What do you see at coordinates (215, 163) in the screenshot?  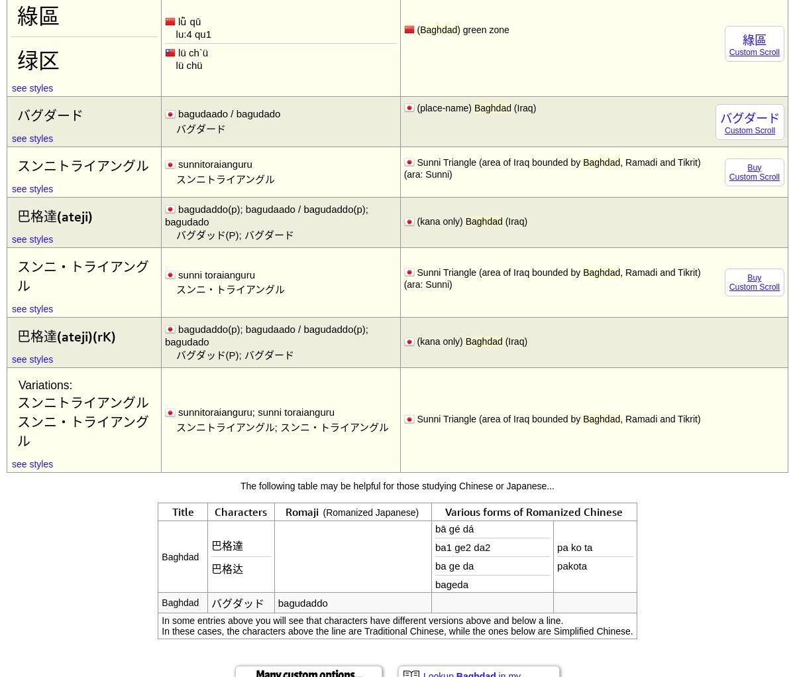 I see `'sunnitoraianguru'` at bounding box center [215, 163].